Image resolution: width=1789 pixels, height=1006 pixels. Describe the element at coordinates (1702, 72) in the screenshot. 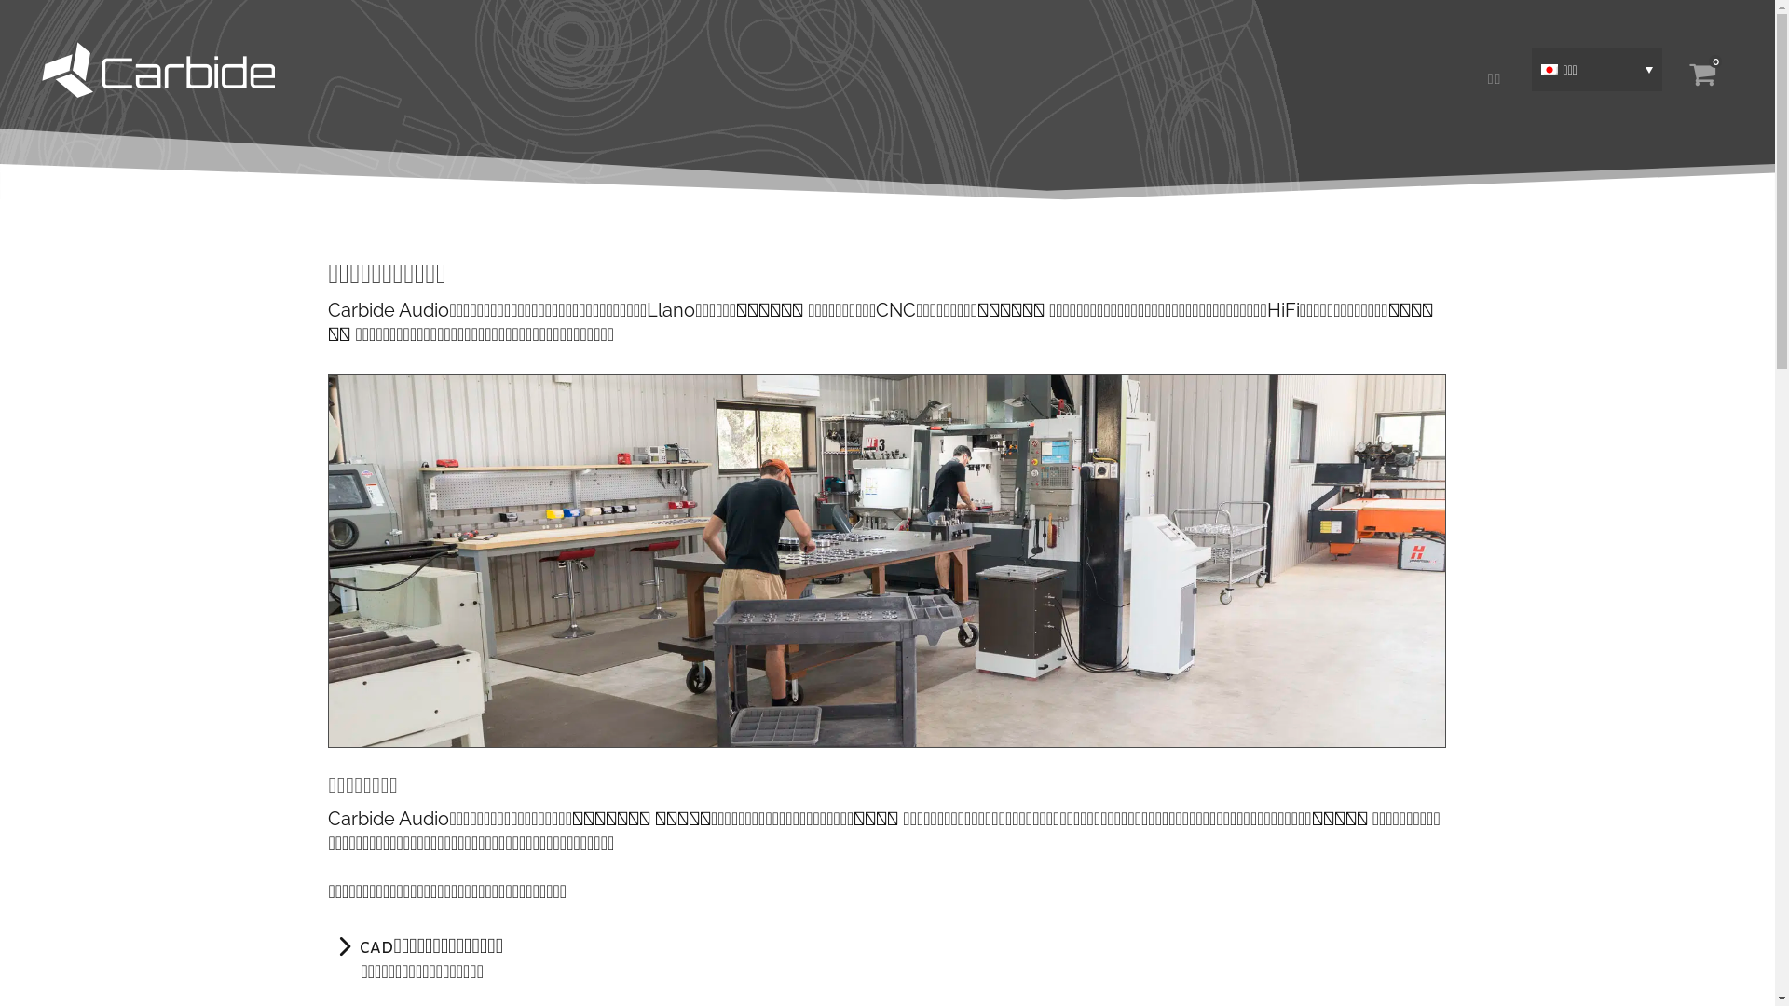

I see `'0'` at that location.